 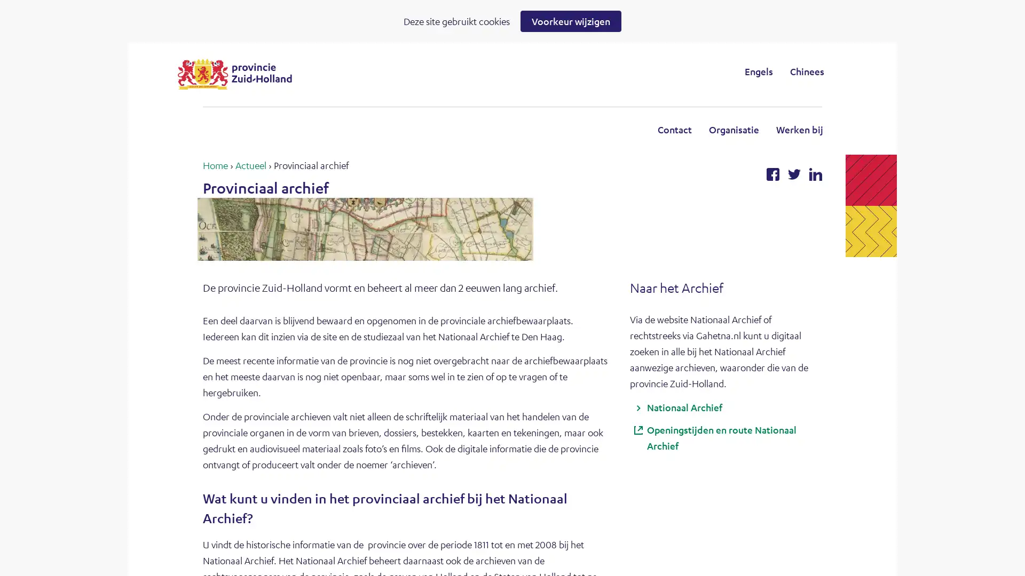 What do you see at coordinates (570, 21) in the screenshot?
I see `Voorkeur wijzigen` at bounding box center [570, 21].